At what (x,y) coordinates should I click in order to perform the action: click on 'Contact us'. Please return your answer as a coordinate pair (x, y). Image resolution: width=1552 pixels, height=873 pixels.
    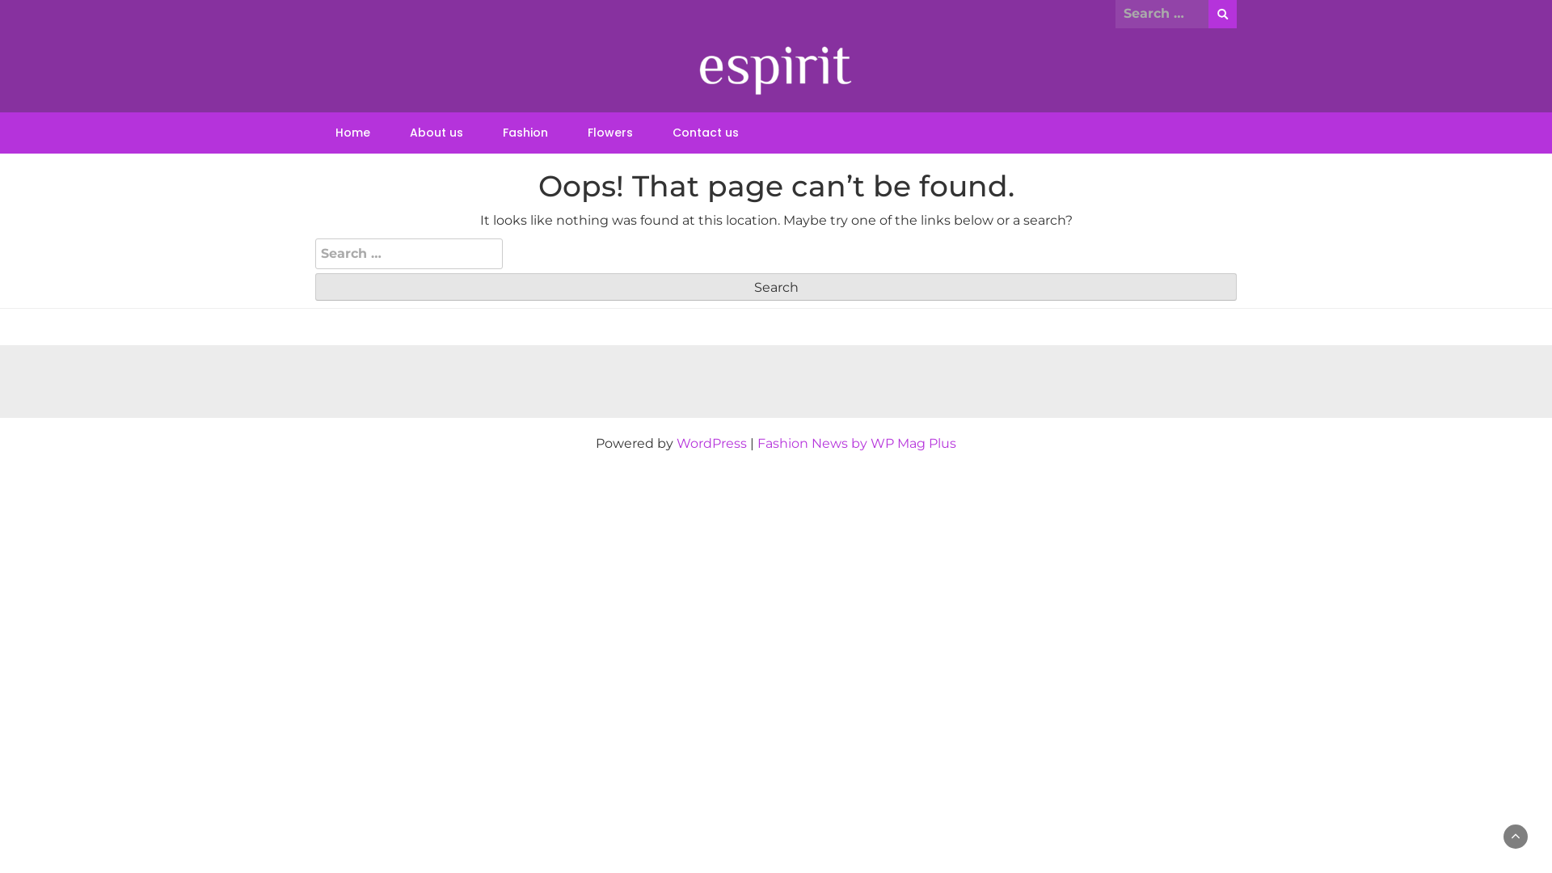
    Looking at the image, I should click on (706, 132).